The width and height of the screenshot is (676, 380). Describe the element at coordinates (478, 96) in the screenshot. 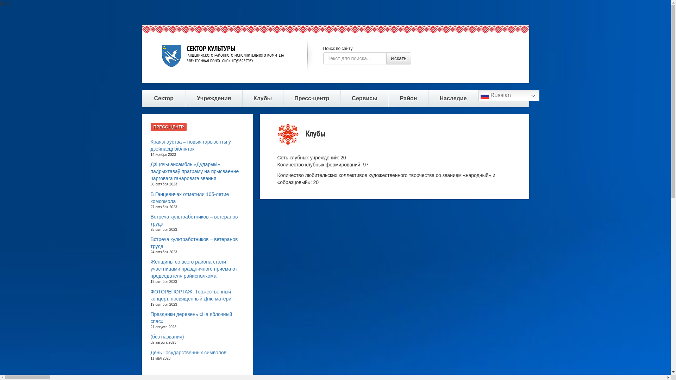

I see `'Russian'` at that location.